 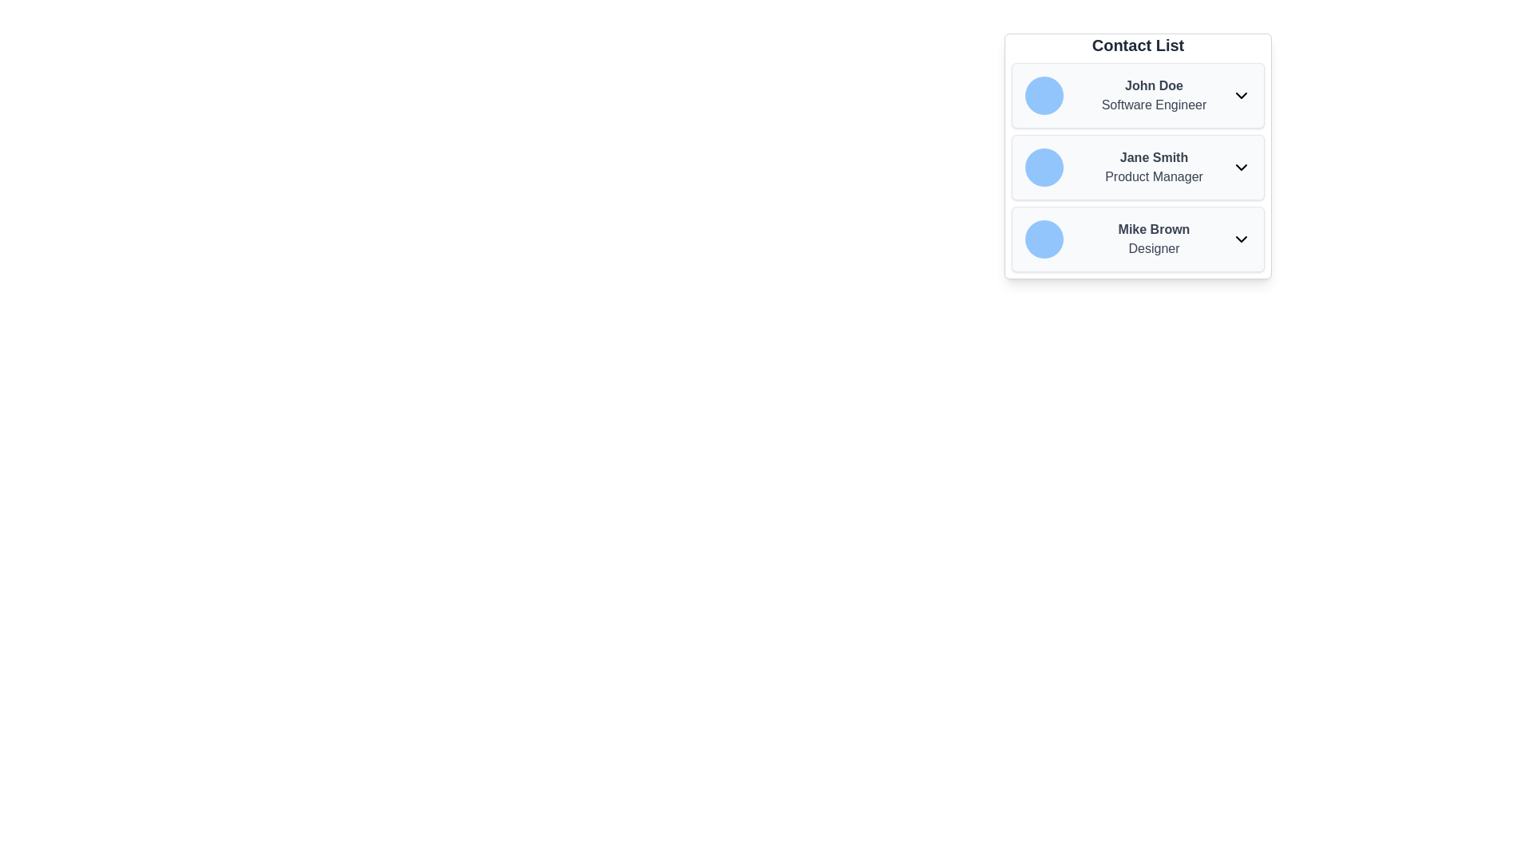 What do you see at coordinates (1044, 167) in the screenshot?
I see `the circular light blue avatar placeholder associated with 'Jane Smith' in the contact list` at bounding box center [1044, 167].